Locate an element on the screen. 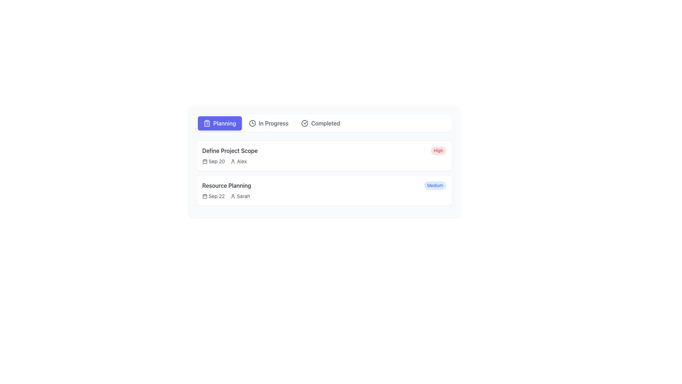  the button labeled 'Planning' that contains the label text for filtering tasks by category is located at coordinates (224, 123).